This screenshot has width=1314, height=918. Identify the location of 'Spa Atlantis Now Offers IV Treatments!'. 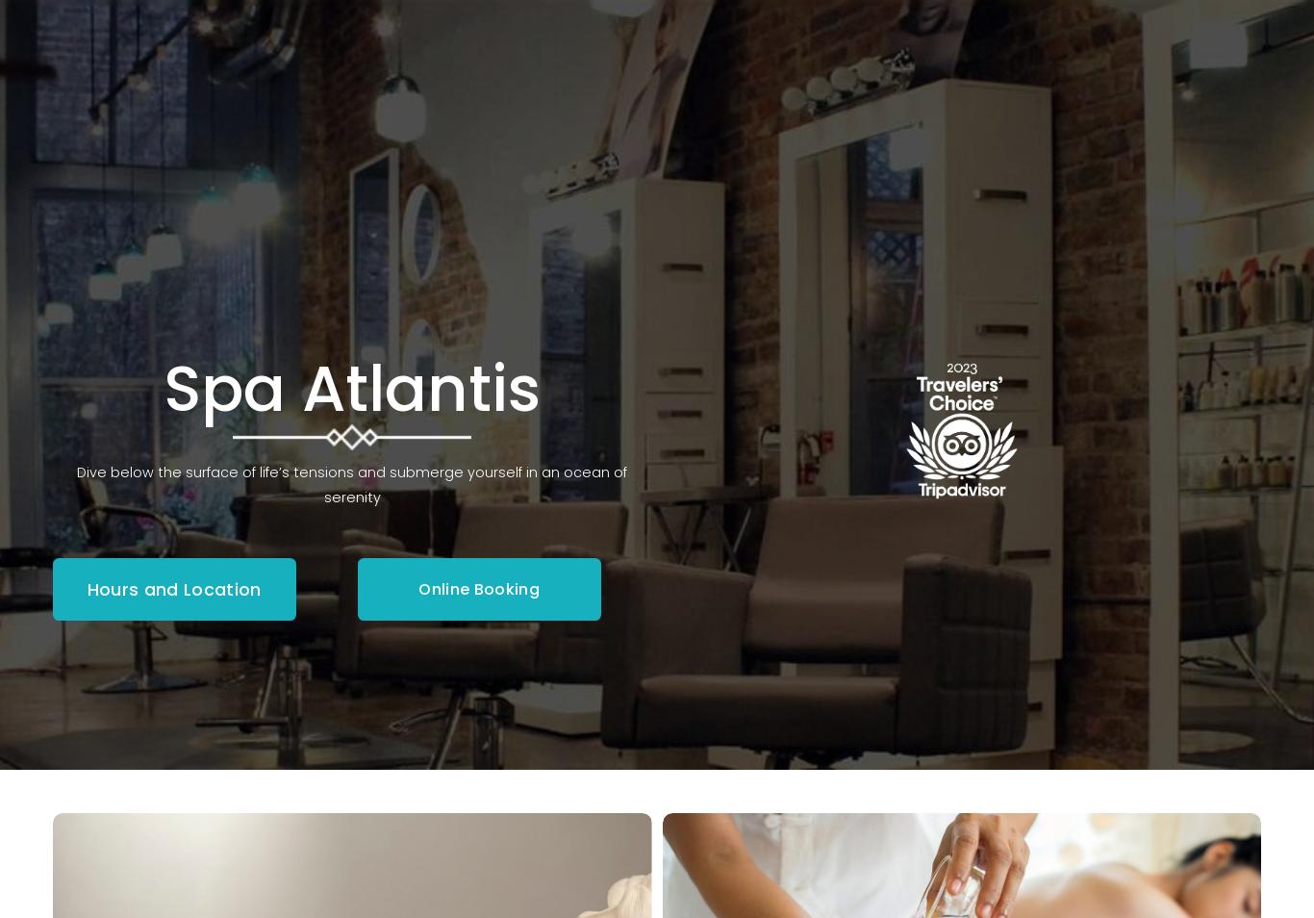
(657, 20).